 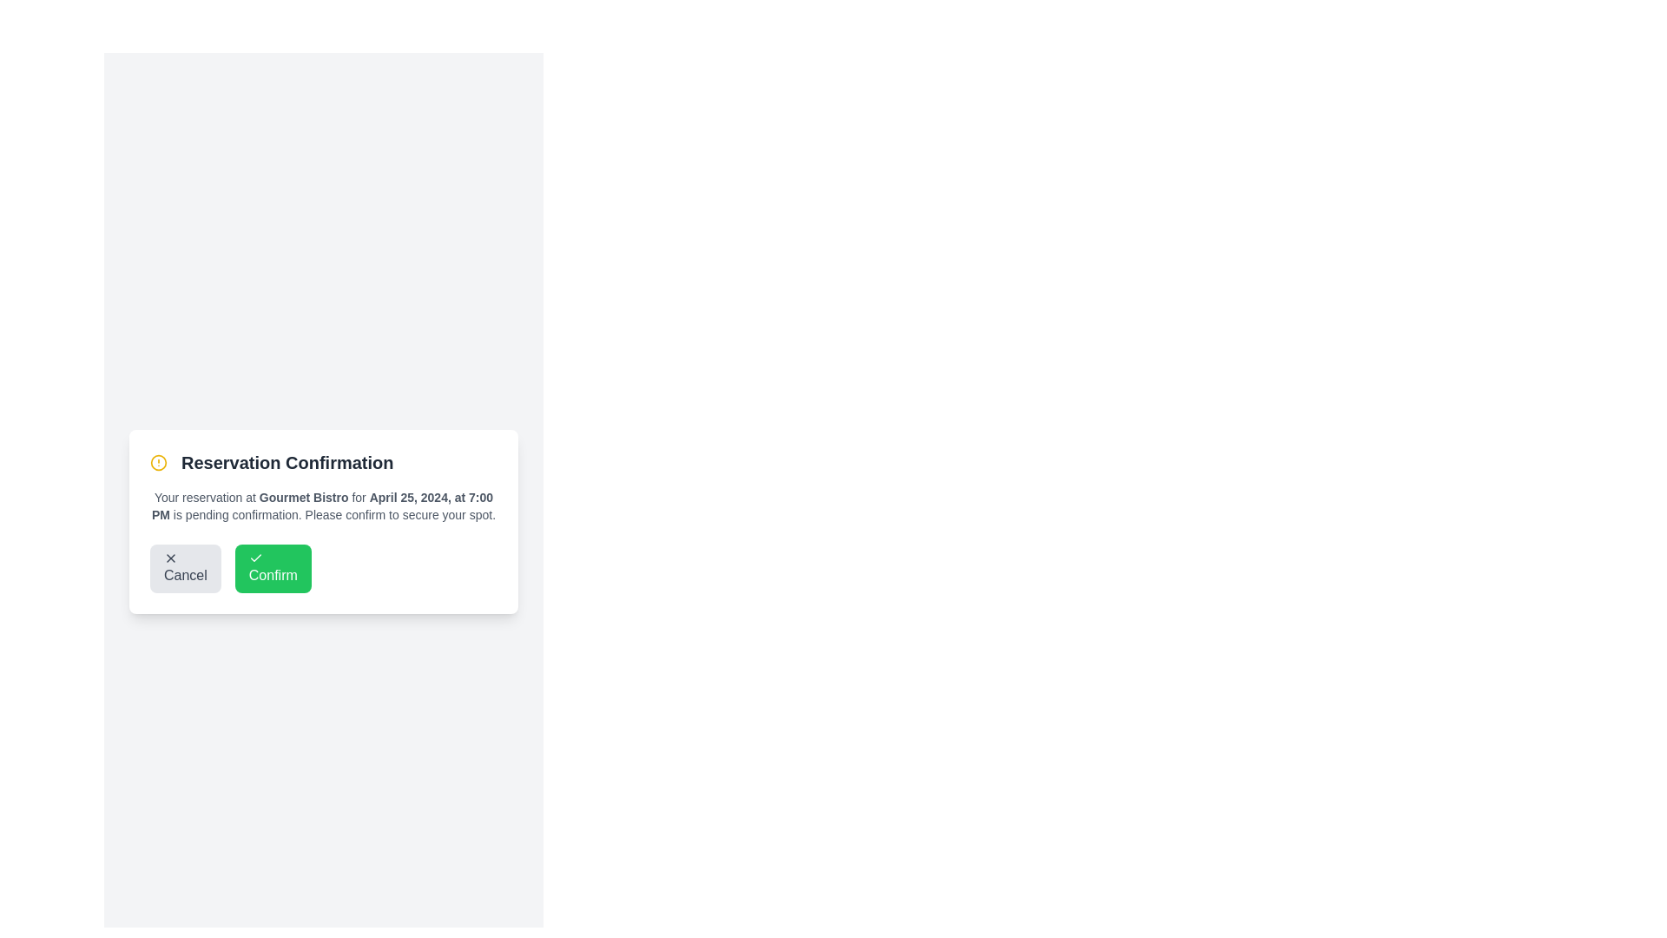 I want to click on the small black or dark gray 'X' icon, which is located on the left side of the 'Cancel' button in the bottom-left of the interface, so click(x=170, y=558).